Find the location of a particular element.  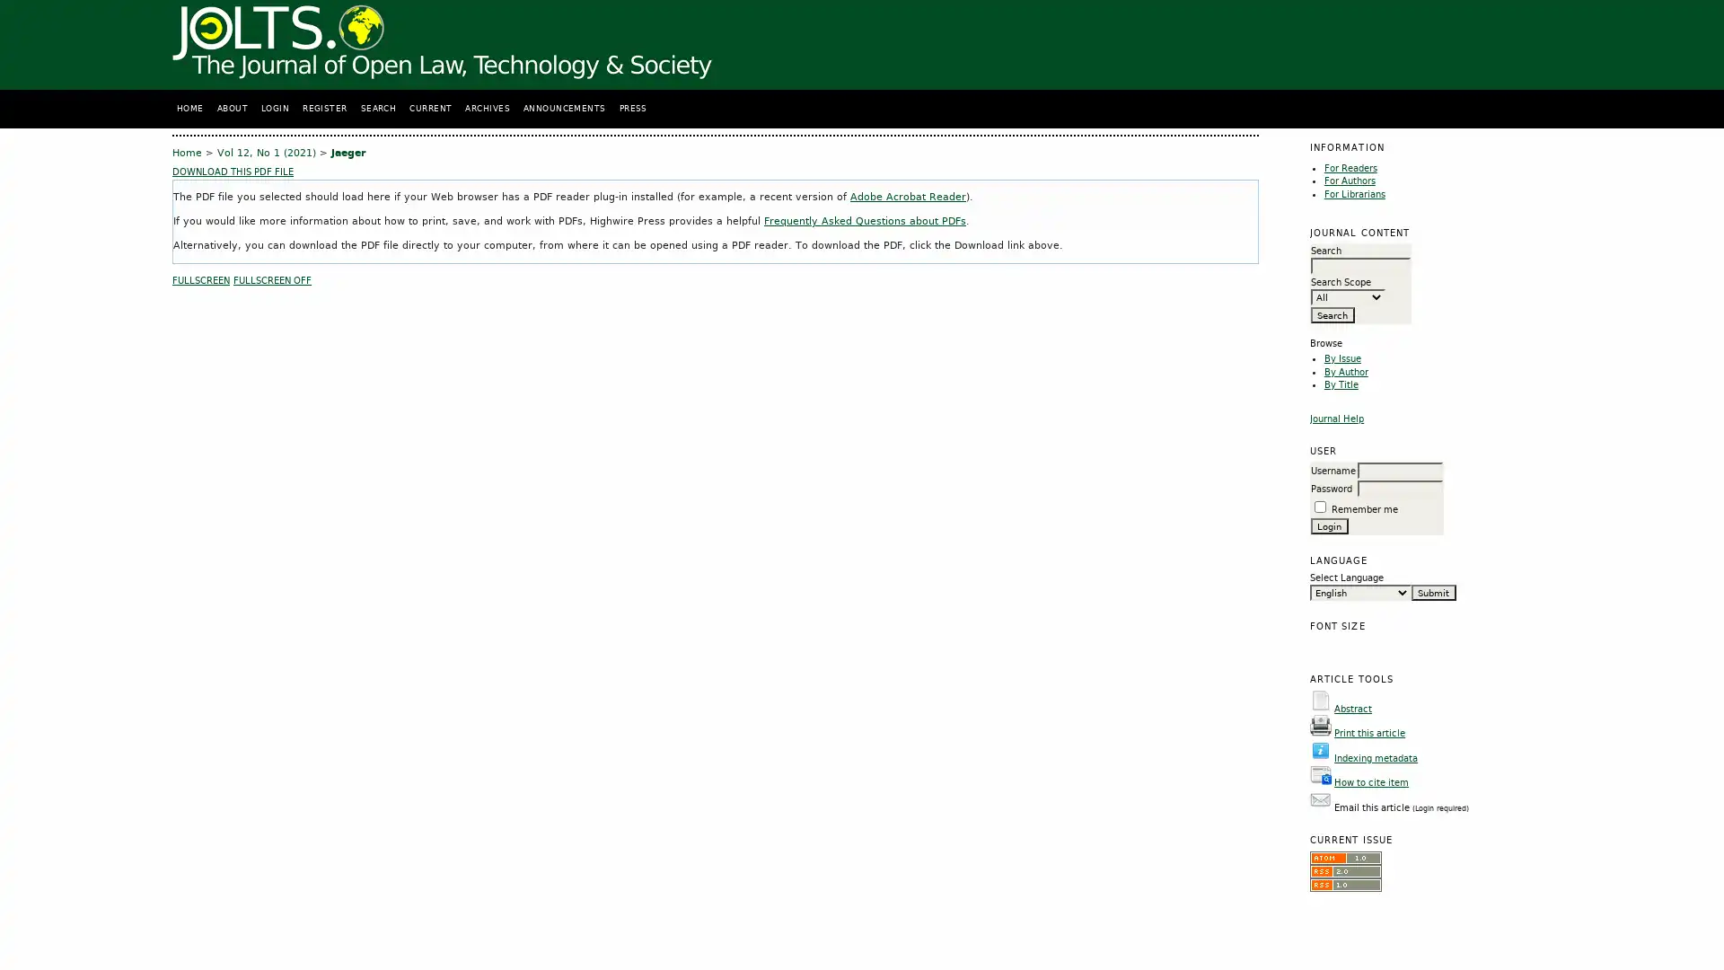

Login is located at coordinates (1329, 525).